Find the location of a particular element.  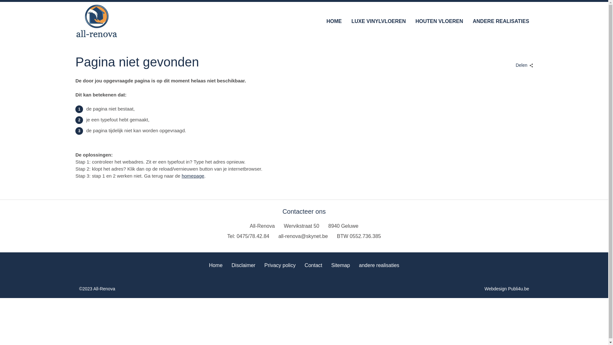

'HOUTEN VLOEREN' is located at coordinates (439, 20).